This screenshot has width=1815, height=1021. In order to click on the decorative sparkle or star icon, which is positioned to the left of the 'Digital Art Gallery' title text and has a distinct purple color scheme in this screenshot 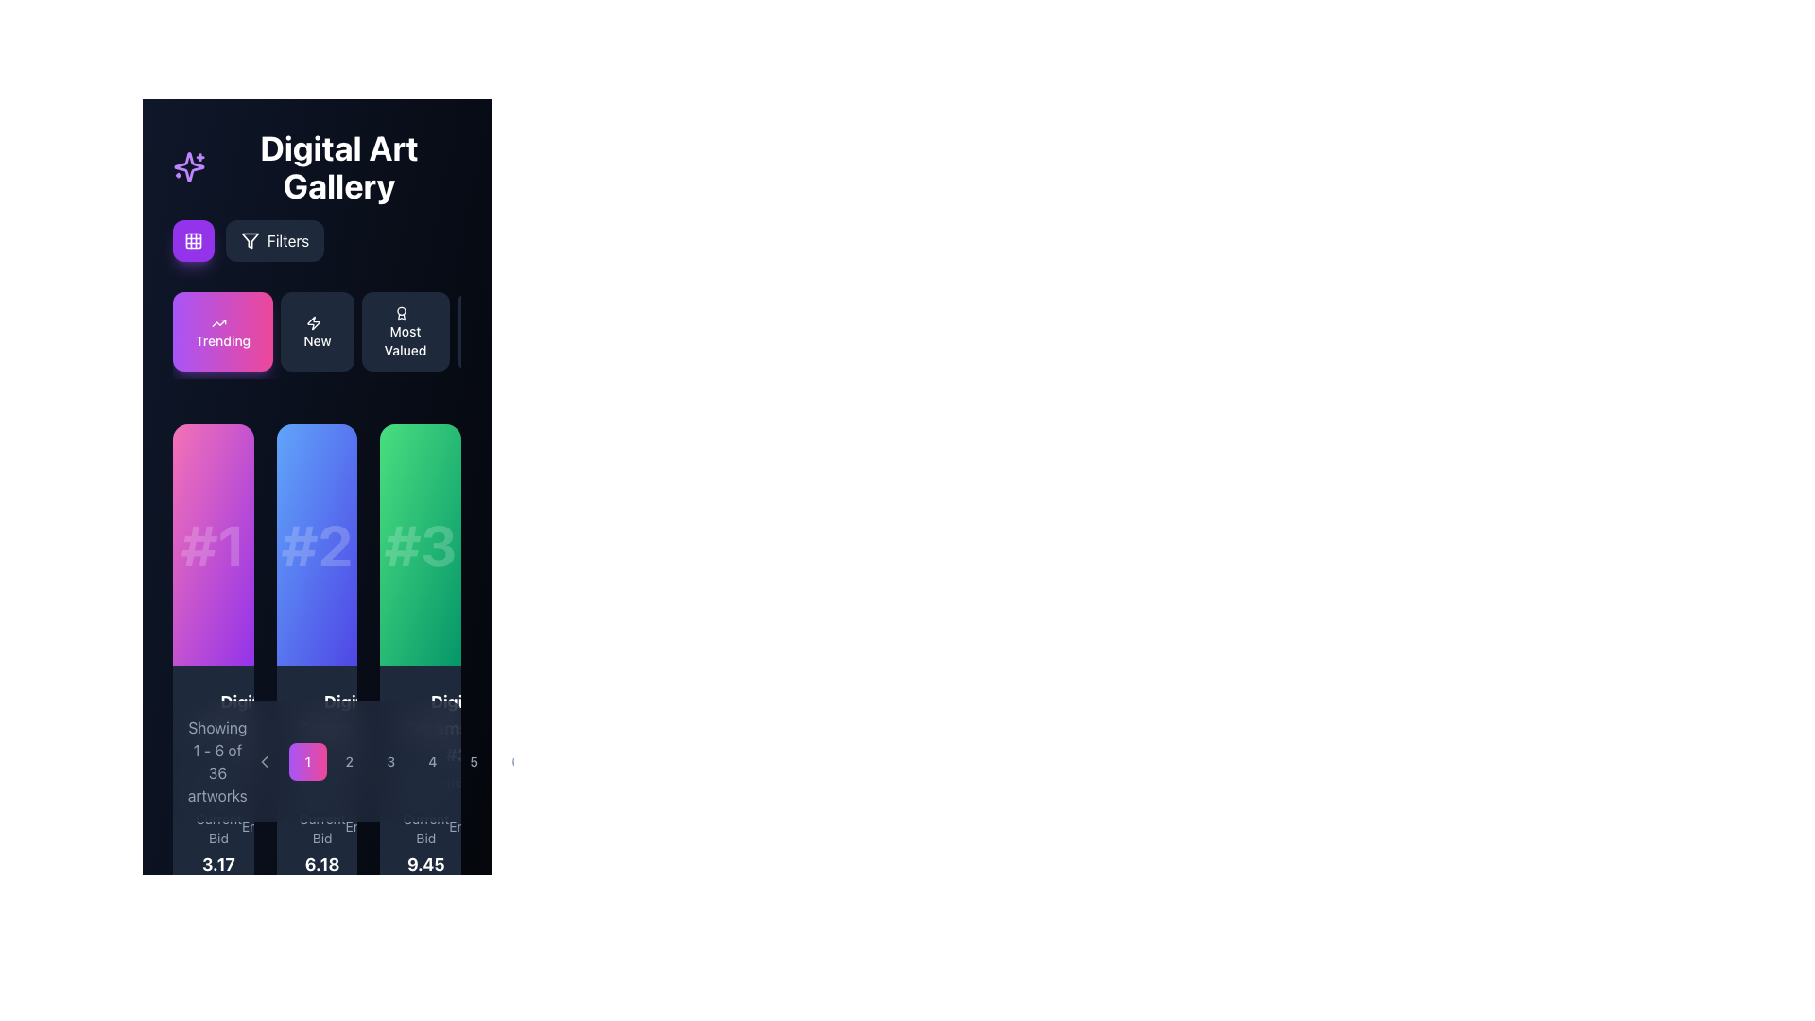, I will do `click(189, 166)`.